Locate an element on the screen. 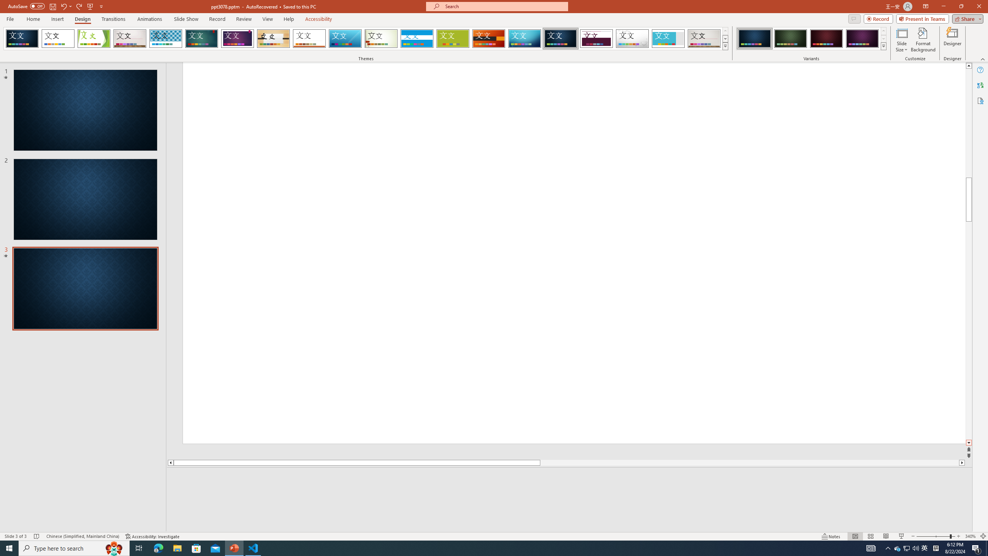 This screenshot has width=988, height=556. 'AutomationID: ThemeVariantsGallery' is located at coordinates (812, 38).